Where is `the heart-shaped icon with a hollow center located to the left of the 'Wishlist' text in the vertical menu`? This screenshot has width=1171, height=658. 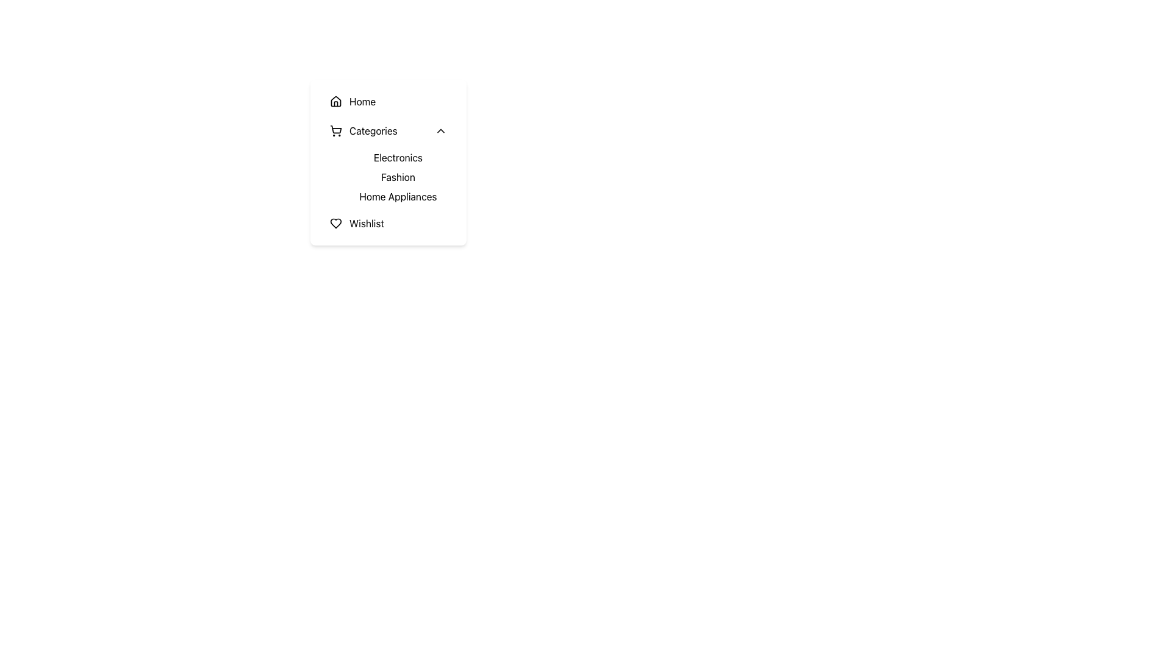 the heart-shaped icon with a hollow center located to the left of the 'Wishlist' text in the vertical menu is located at coordinates (336, 223).